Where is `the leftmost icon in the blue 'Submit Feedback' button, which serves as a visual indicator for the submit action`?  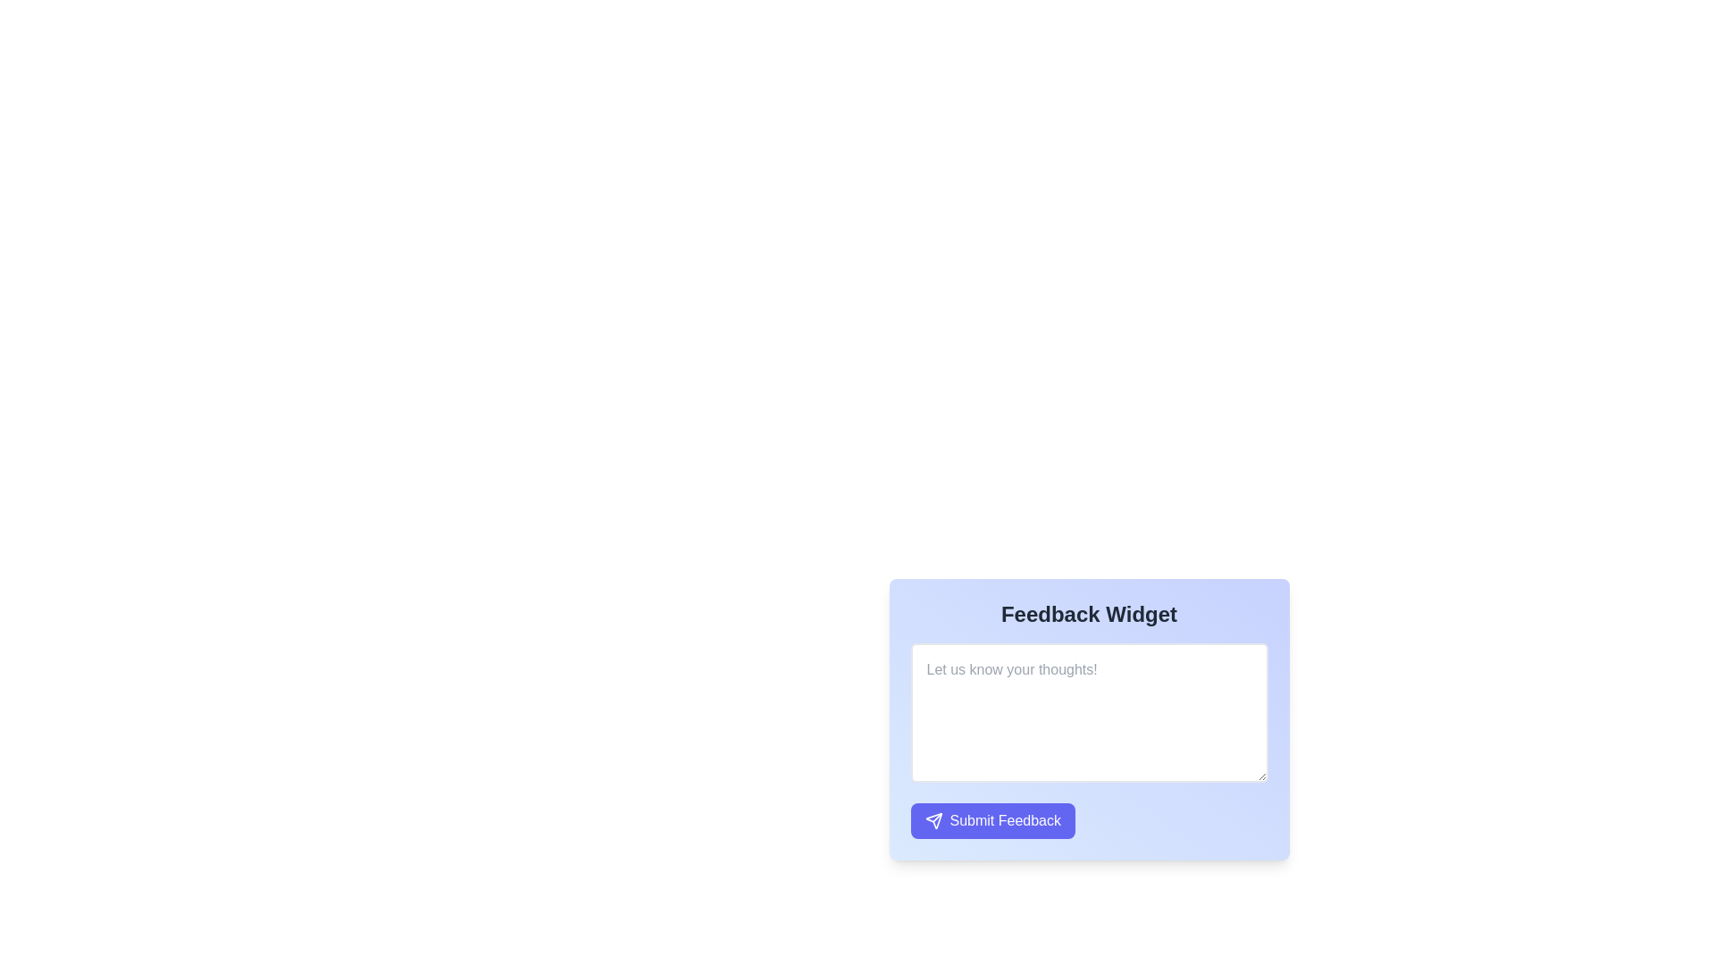
the leftmost icon in the blue 'Submit Feedback' button, which serves as a visual indicator for the submit action is located at coordinates (933, 820).